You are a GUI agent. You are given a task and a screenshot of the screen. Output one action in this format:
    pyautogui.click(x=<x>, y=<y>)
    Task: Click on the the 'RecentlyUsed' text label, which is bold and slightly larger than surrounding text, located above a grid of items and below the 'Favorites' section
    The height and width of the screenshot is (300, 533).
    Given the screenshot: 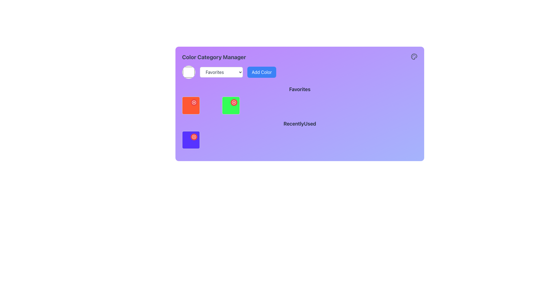 What is the action you would take?
    pyautogui.click(x=300, y=124)
    